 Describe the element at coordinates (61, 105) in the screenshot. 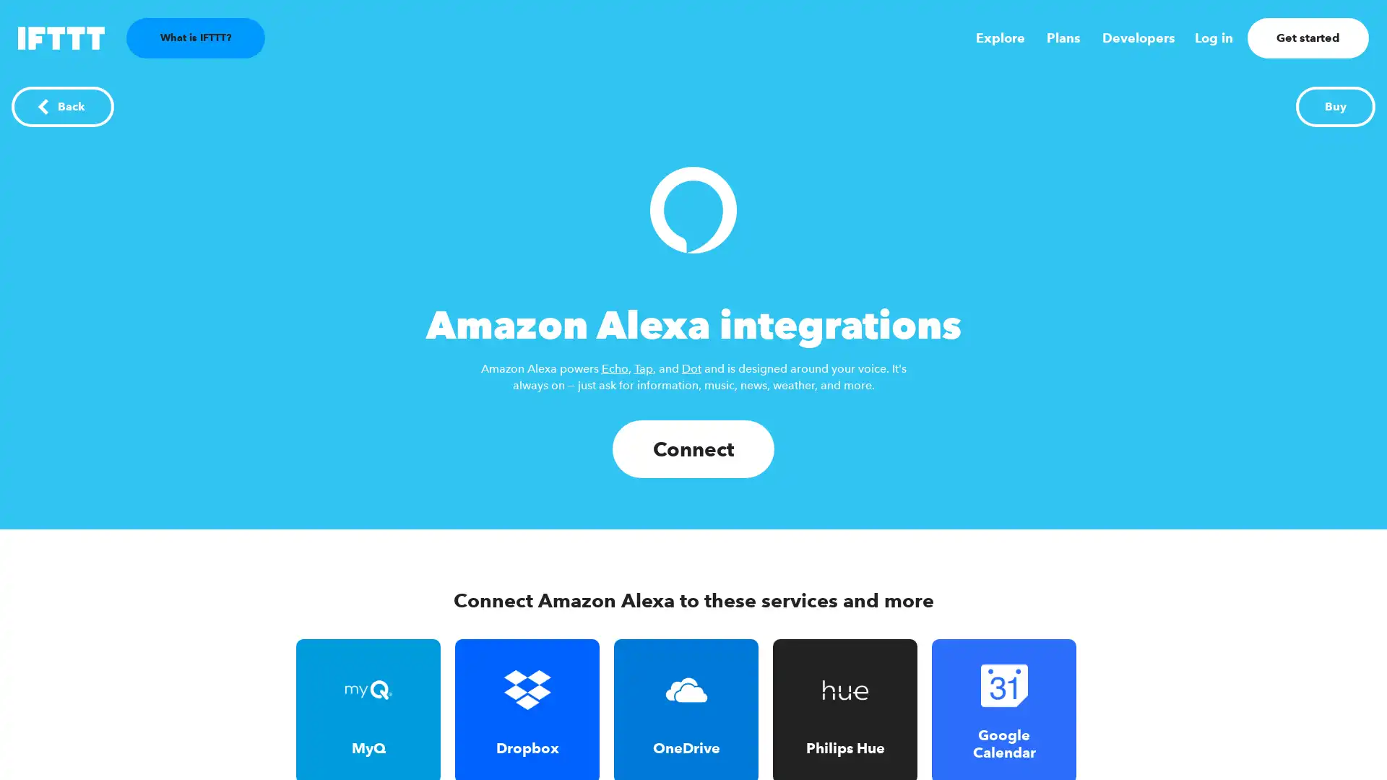

I see `Back` at that location.